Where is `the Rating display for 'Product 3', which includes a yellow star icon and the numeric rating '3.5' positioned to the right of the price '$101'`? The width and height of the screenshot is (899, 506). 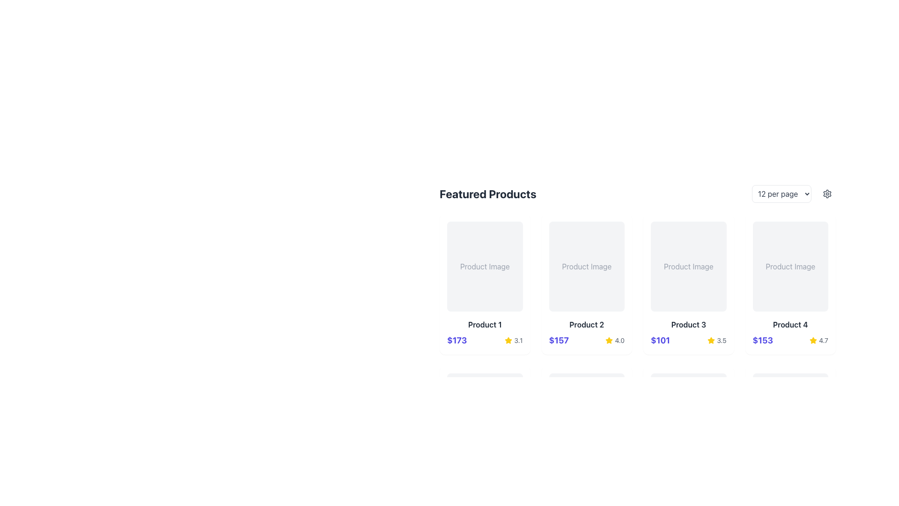 the Rating display for 'Product 3', which includes a yellow star icon and the numeric rating '3.5' positioned to the right of the price '$101' is located at coordinates (716, 340).